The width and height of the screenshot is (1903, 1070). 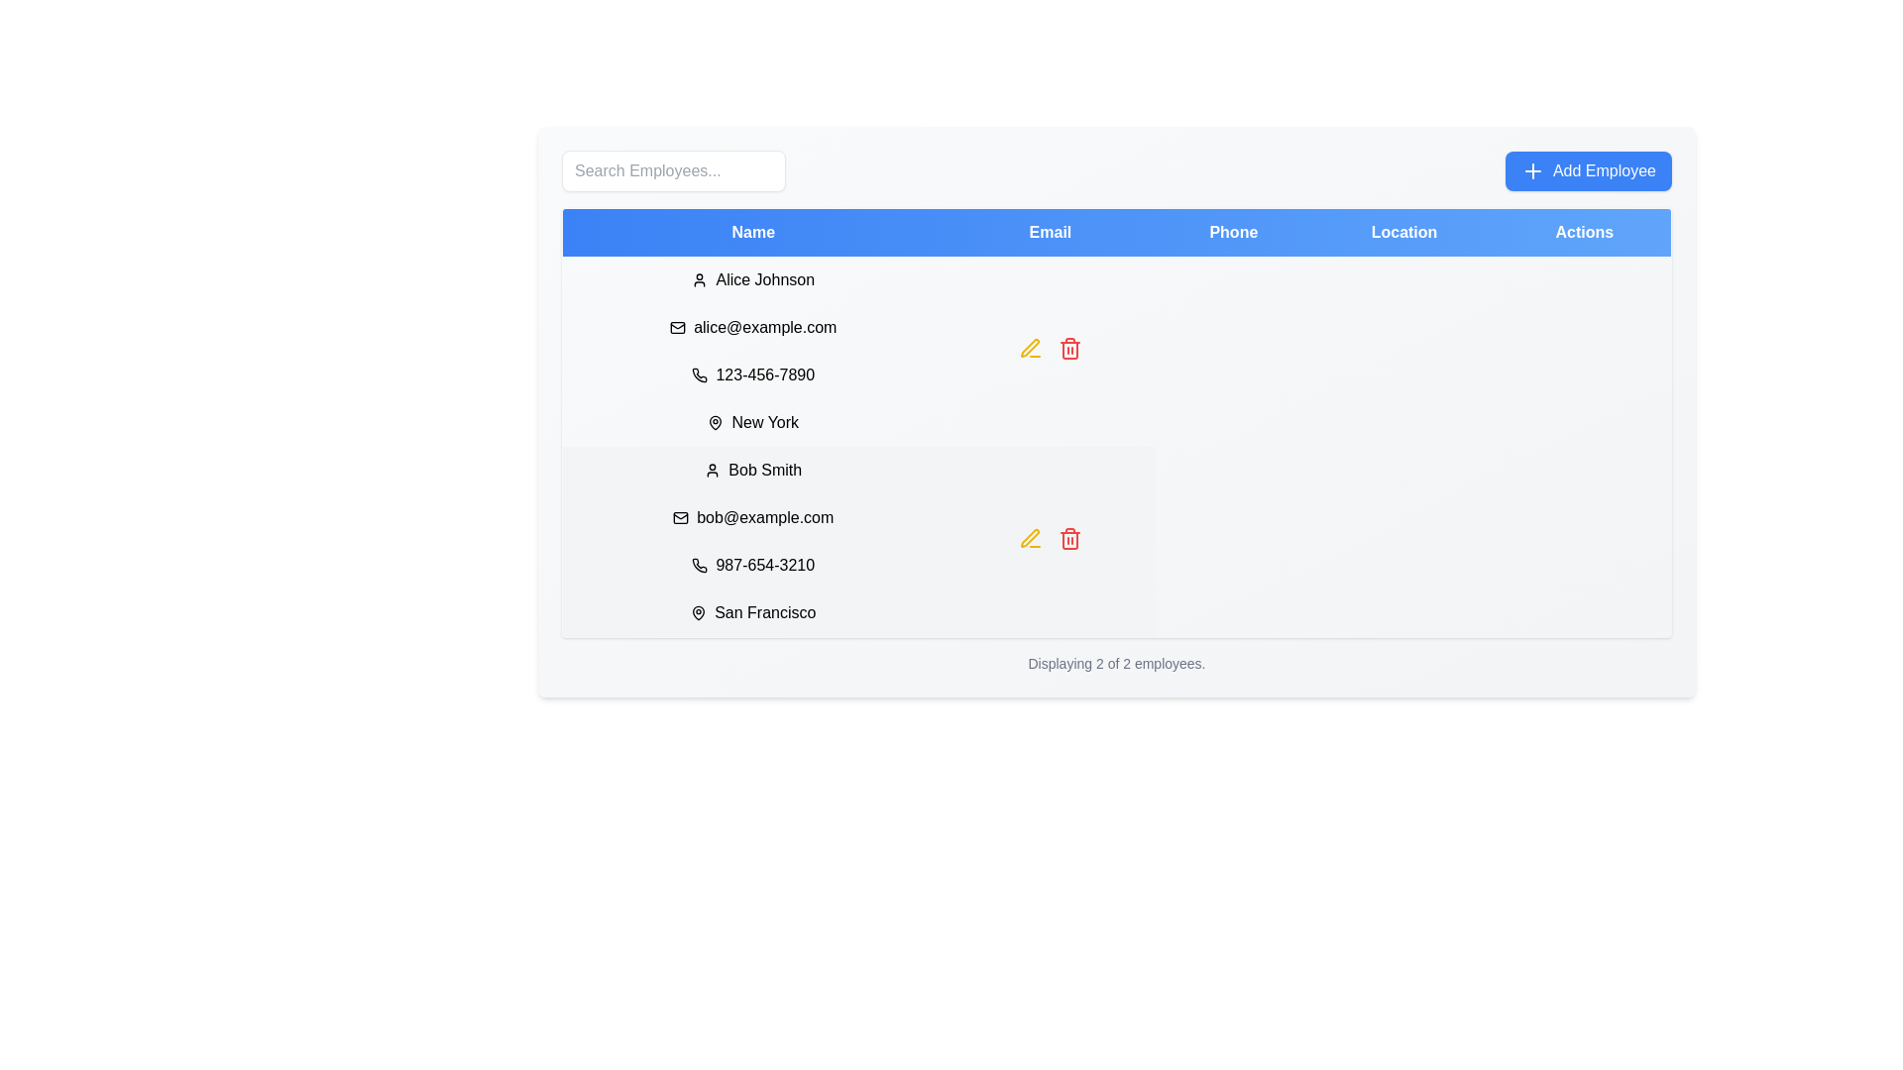 What do you see at coordinates (678, 327) in the screenshot?
I see `the email indicator icon located in the 'Email' column of the first row, which visually denotes the email address 'alice@example.com'` at bounding box center [678, 327].